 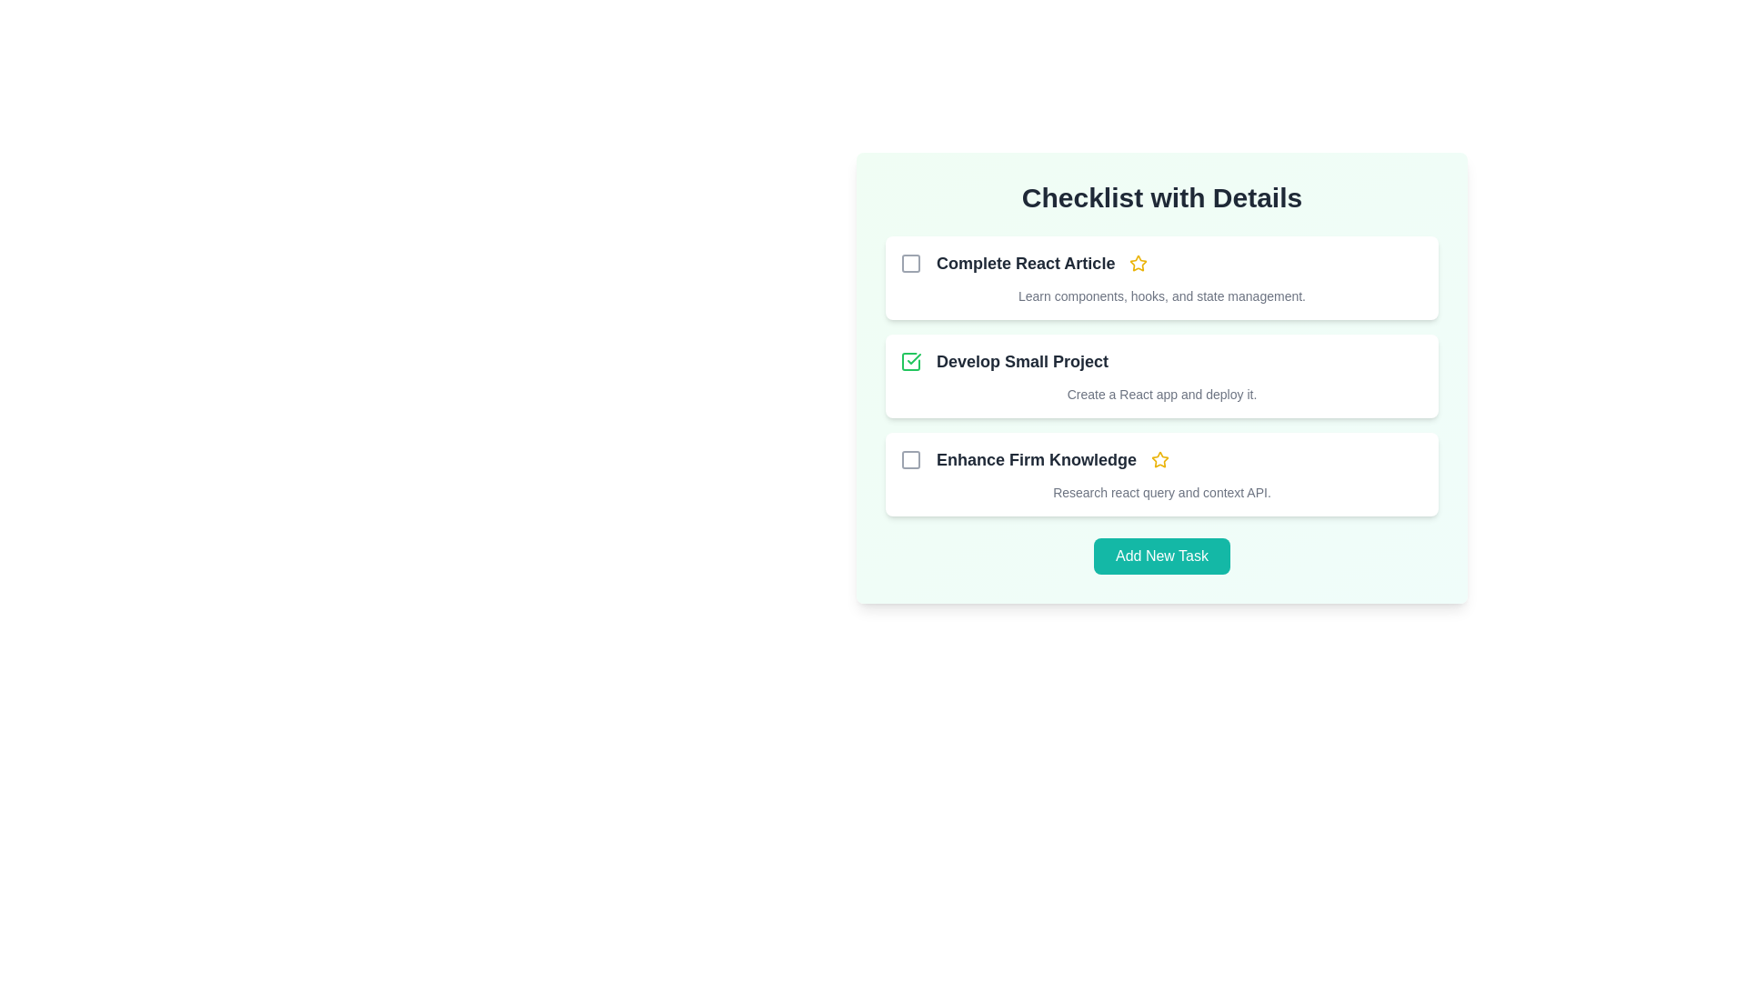 What do you see at coordinates (1026, 263) in the screenshot?
I see `the checklist item to focus on its description` at bounding box center [1026, 263].